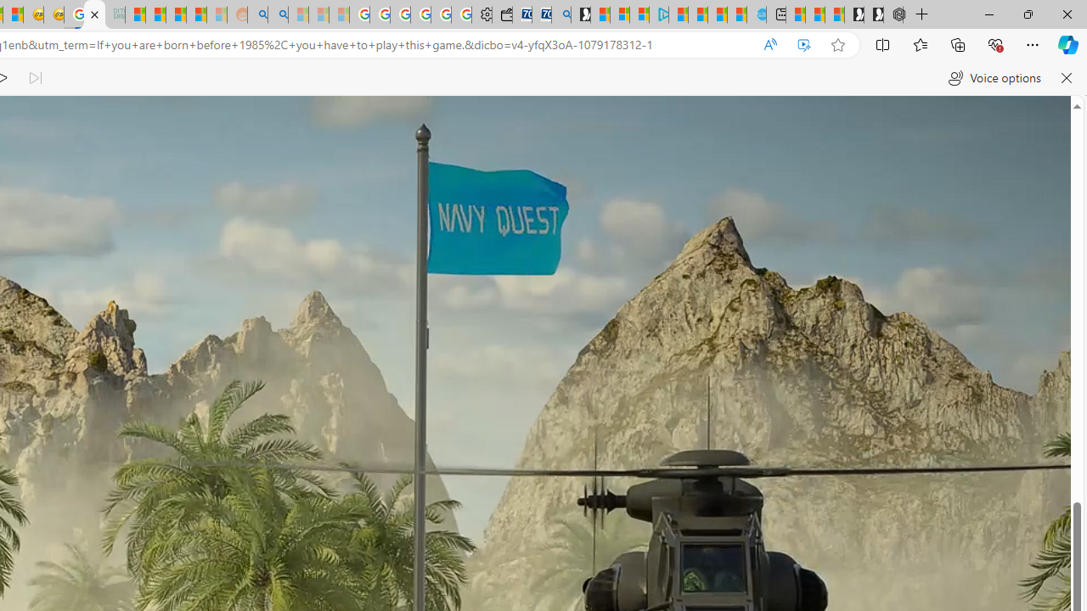  I want to click on 'Close read aloud', so click(1065, 78).